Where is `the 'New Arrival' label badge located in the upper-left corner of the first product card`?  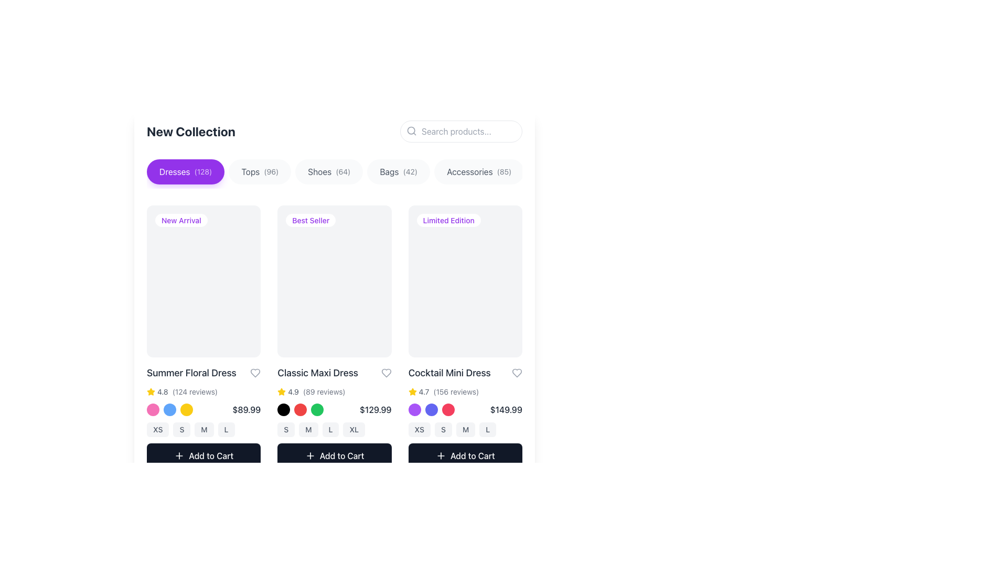 the 'New Arrival' label badge located in the upper-left corner of the first product card is located at coordinates (181, 220).